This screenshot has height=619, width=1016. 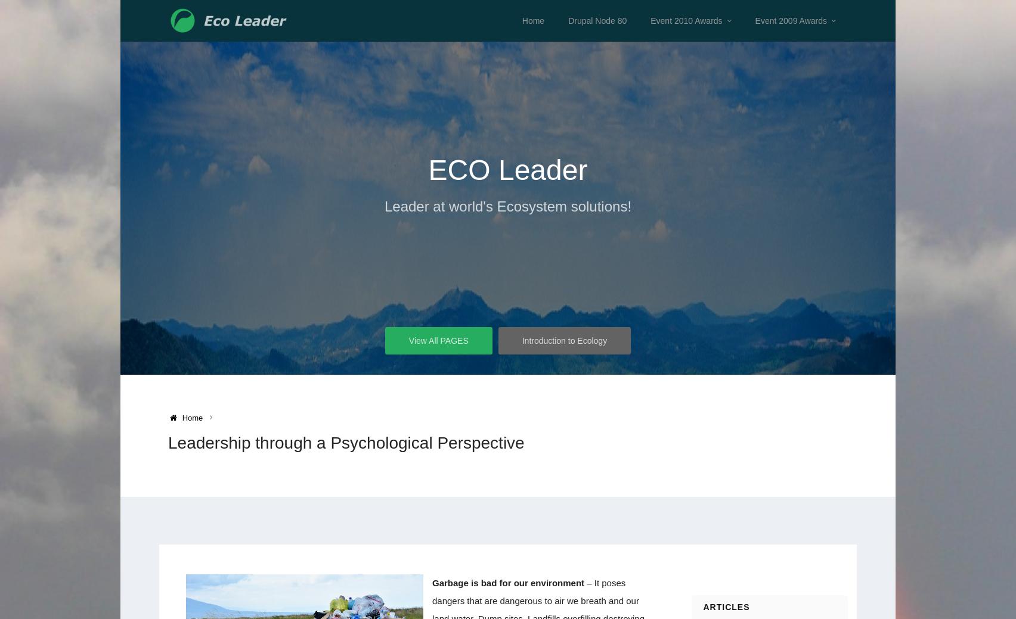 What do you see at coordinates (346, 442) in the screenshot?
I see `'Leadership through a Psychological Perspective'` at bounding box center [346, 442].